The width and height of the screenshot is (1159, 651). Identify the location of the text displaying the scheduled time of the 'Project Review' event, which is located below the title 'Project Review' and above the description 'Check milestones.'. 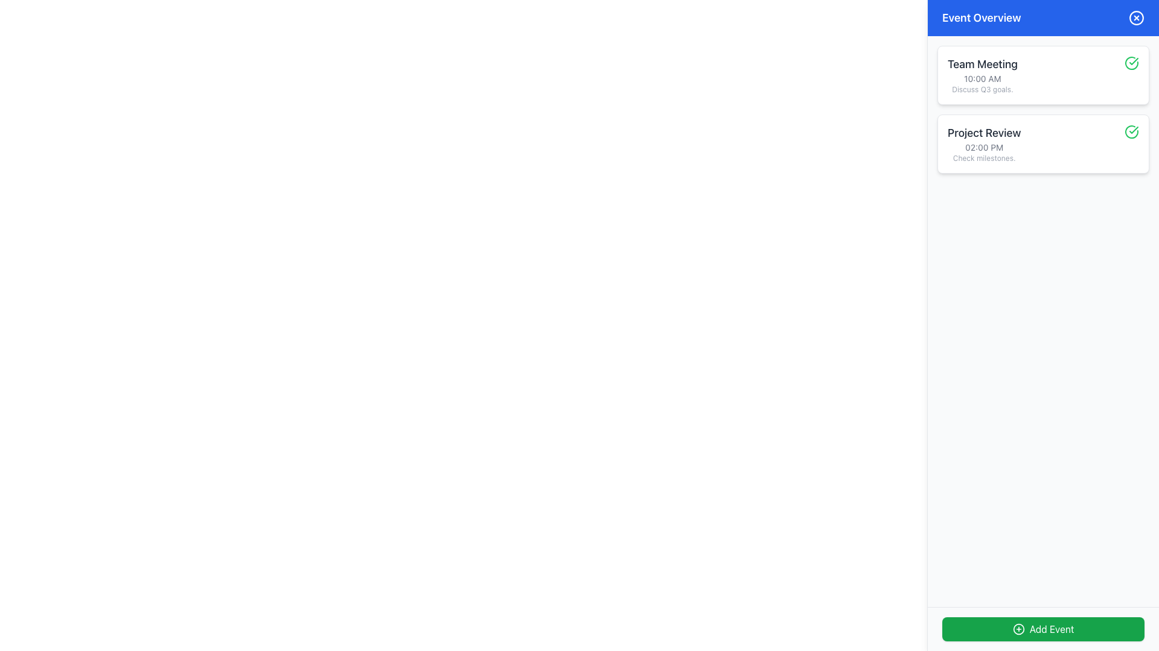
(984, 147).